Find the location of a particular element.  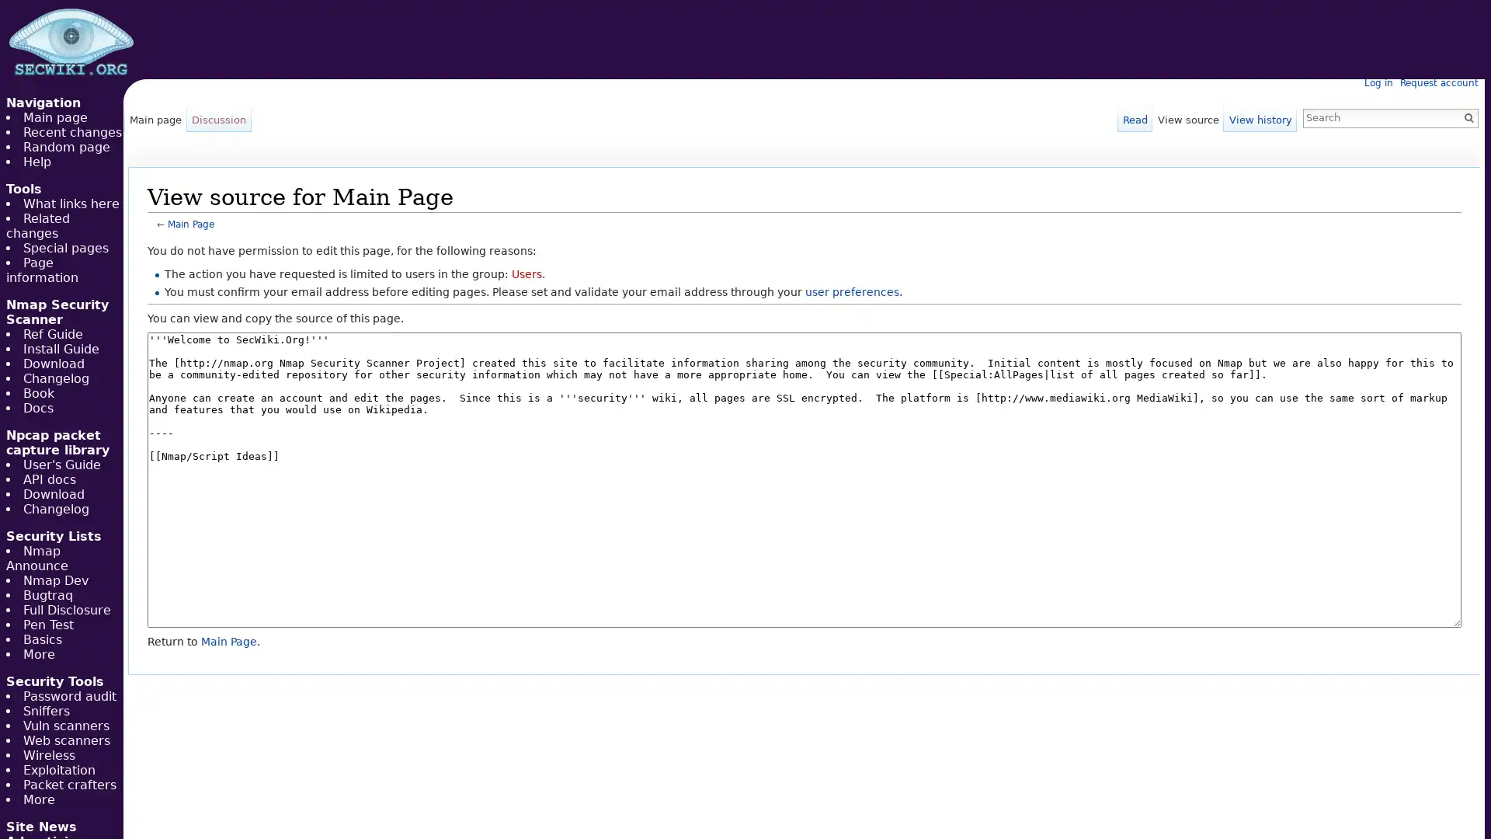

Go is located at coordinates (1468, 117).